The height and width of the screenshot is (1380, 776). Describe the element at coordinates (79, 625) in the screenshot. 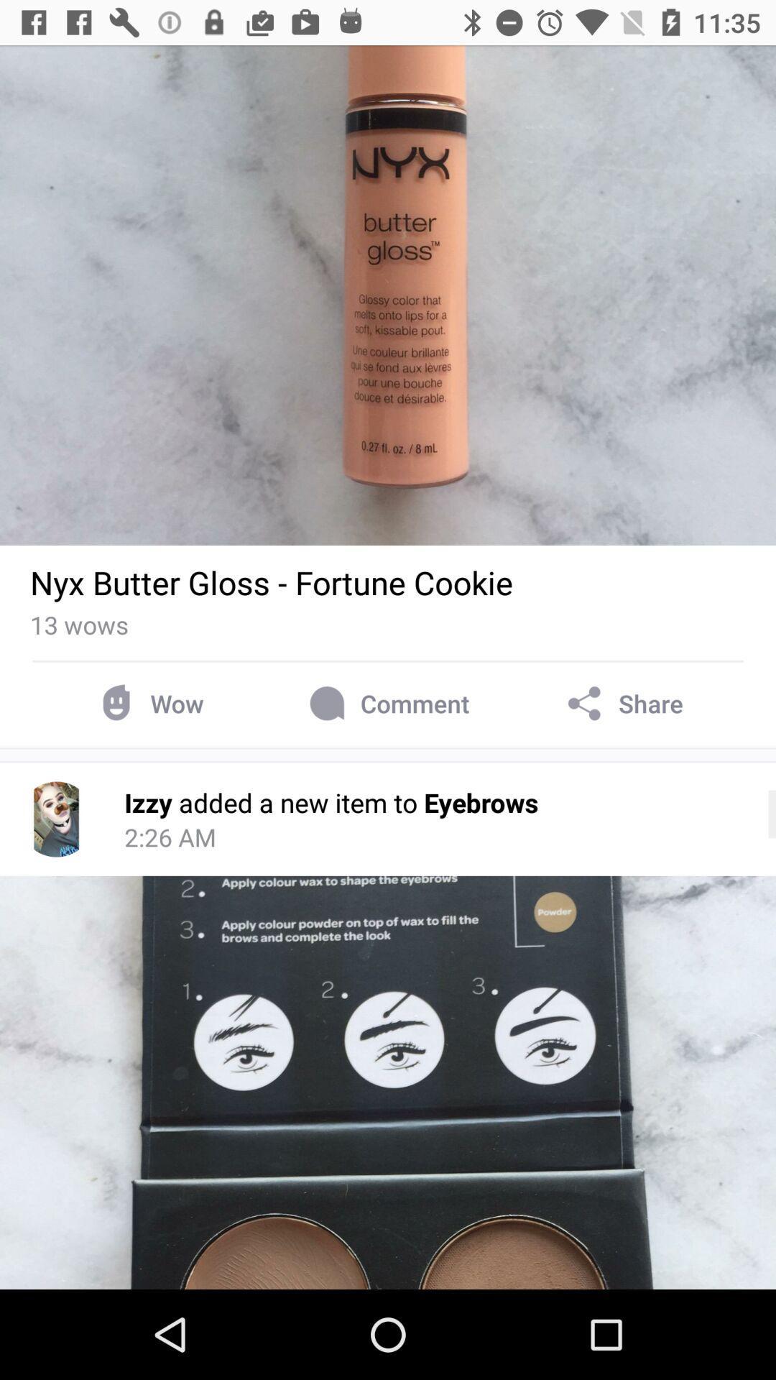

I see `move to the text 13 wows on the web page` at that location.